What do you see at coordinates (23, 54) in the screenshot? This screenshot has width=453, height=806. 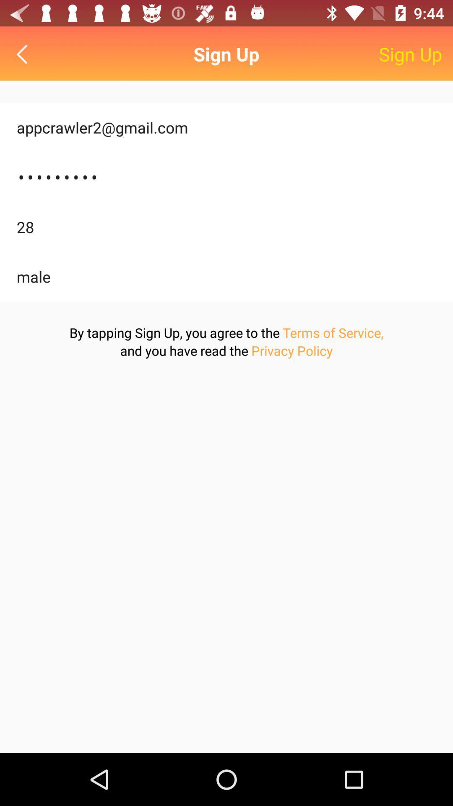 I see `go back` at bounding box center [23, 54].